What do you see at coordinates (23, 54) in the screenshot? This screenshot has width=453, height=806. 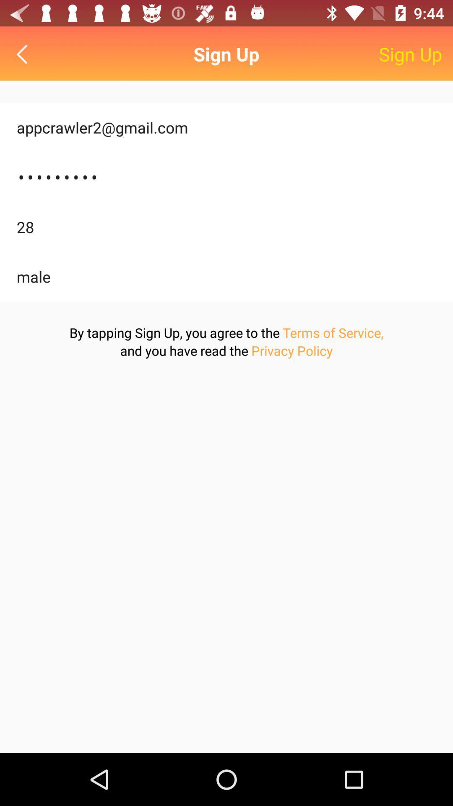 I see `go back` at bounding box center [23, 54].